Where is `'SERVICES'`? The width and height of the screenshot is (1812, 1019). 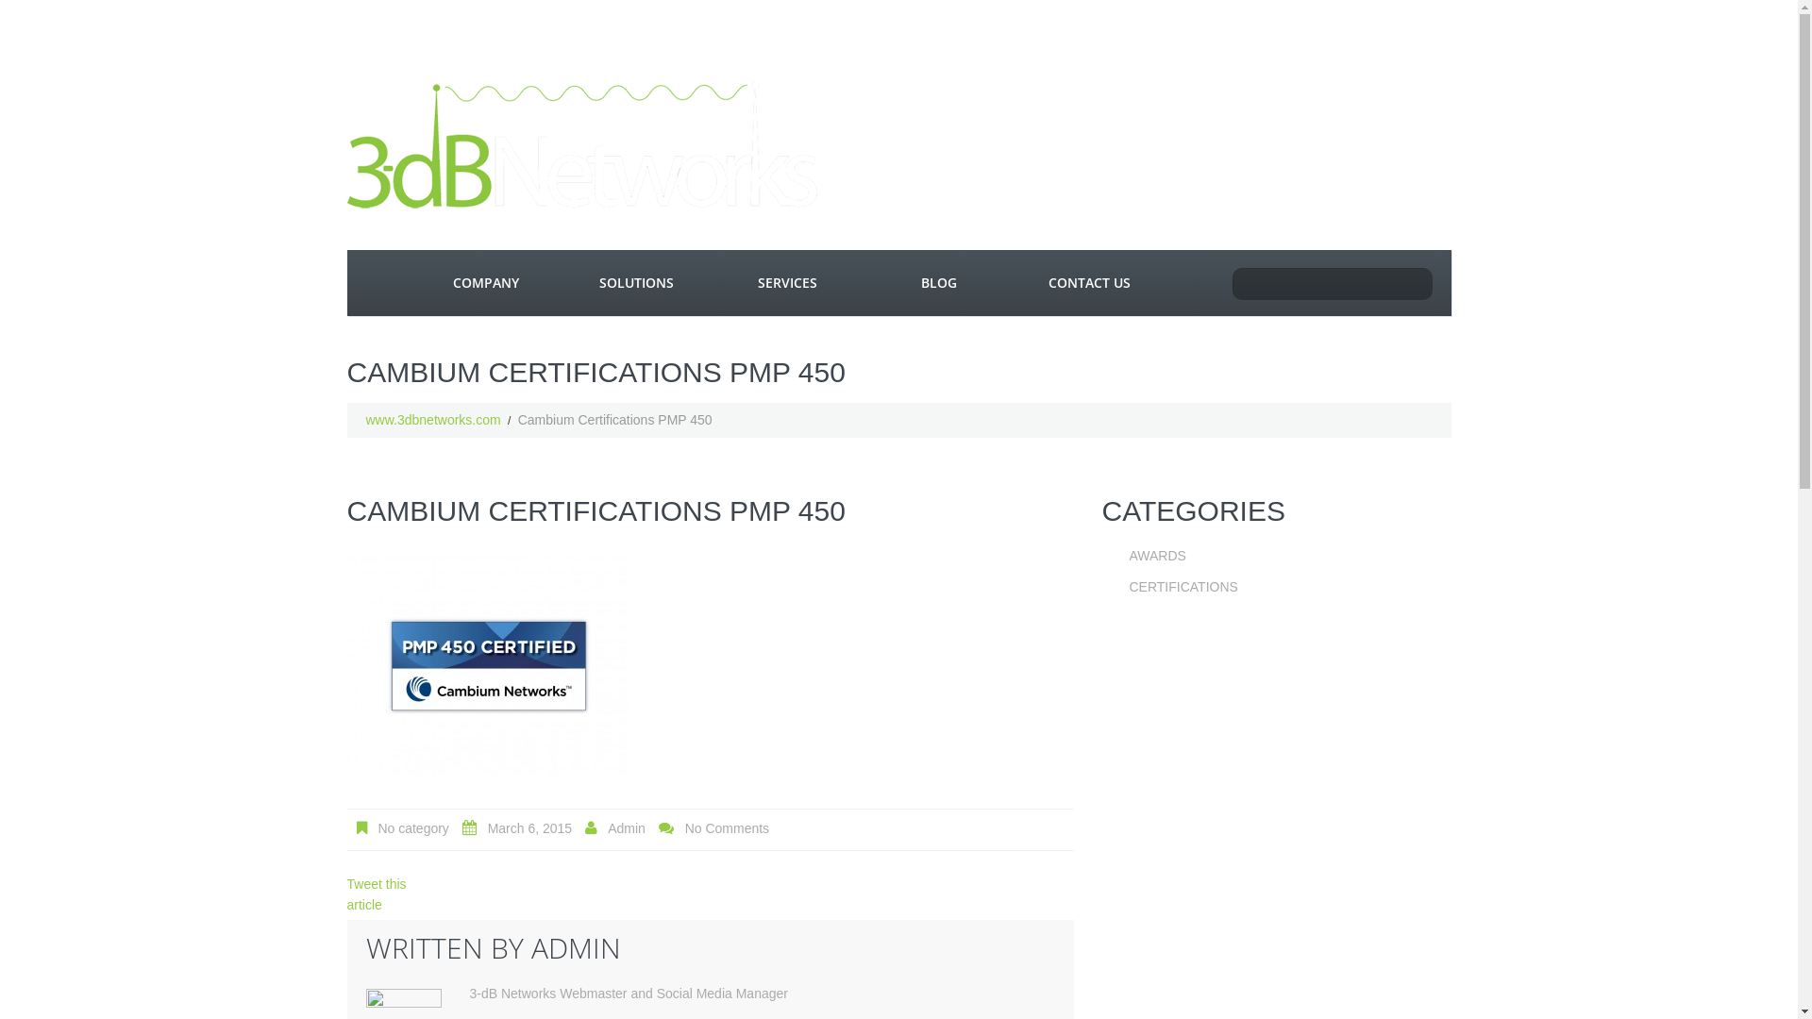 'SERVICES' is located at coordinates (712, 283).